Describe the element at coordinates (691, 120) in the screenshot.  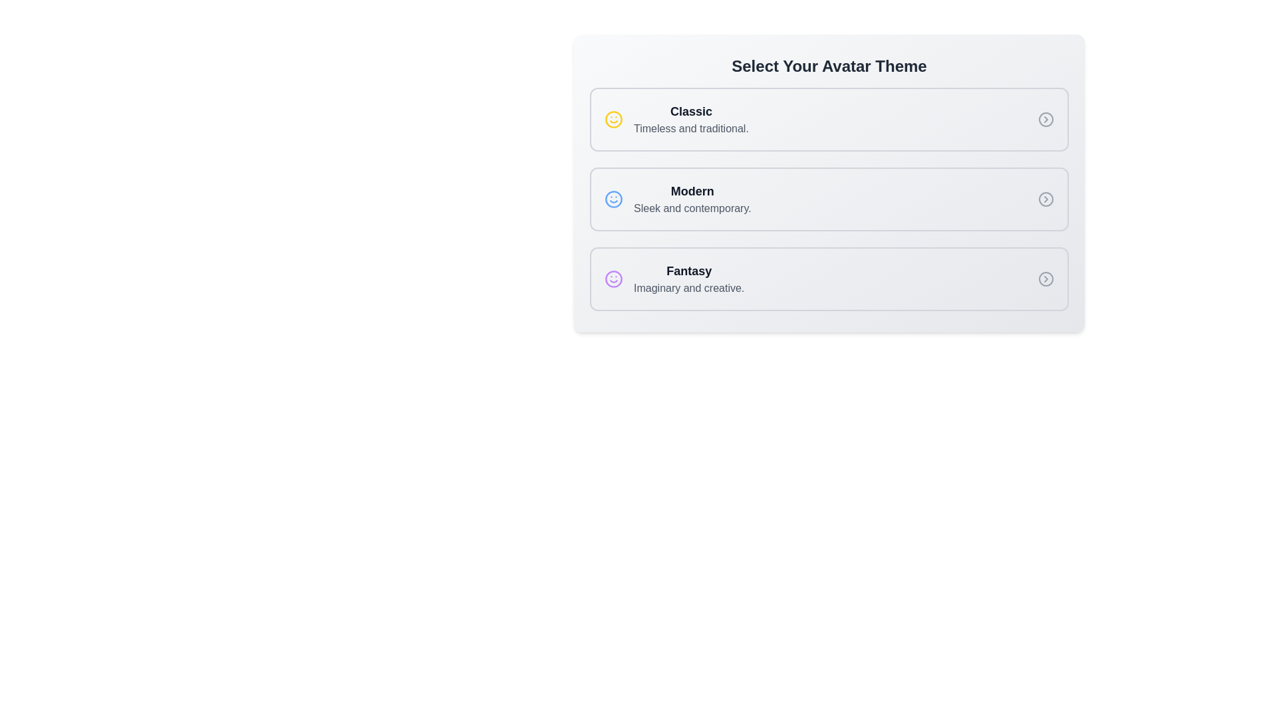
I see `to select the 'Classic' avatar theme, which is the first option in the selectable list described as 'Timeless and traditional.'` at that location.